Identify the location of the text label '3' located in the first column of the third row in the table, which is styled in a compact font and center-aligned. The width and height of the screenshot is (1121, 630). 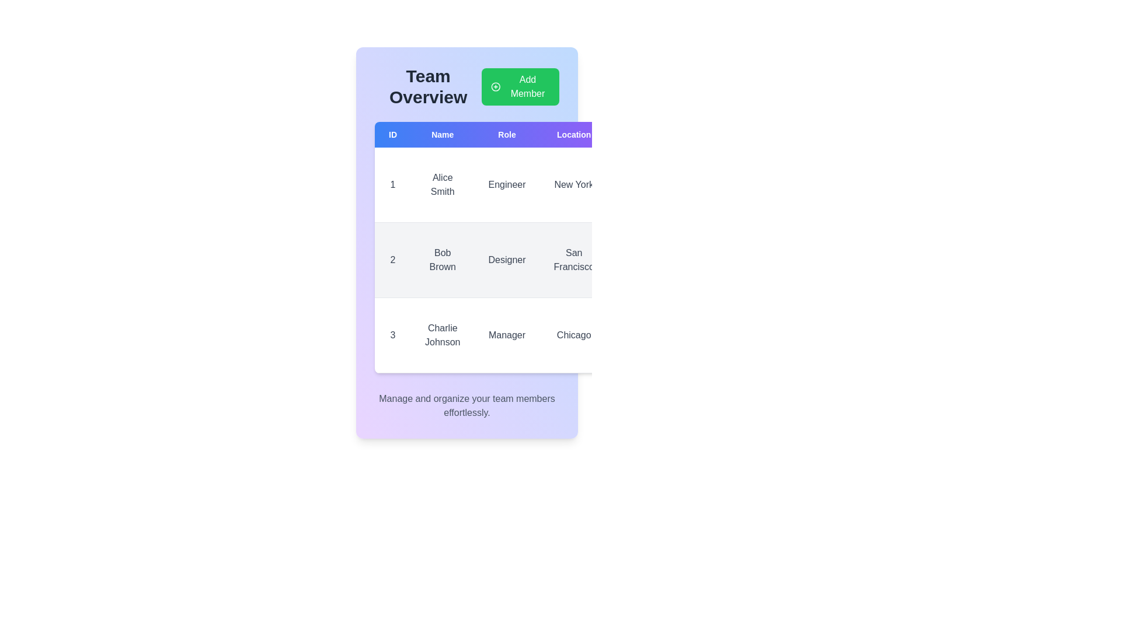
(392, 335).